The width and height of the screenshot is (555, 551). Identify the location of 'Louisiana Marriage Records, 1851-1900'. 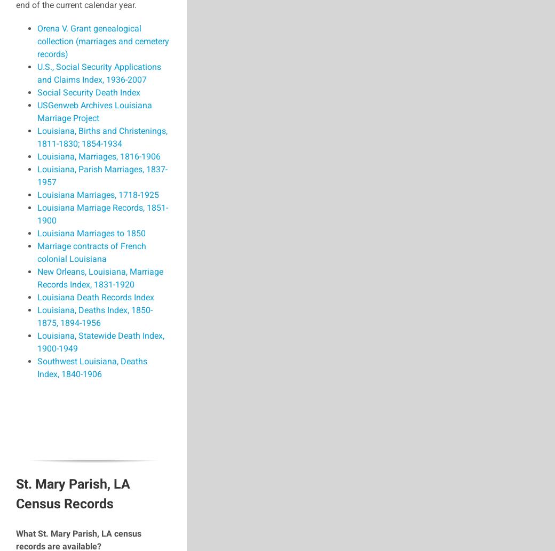
(102, 214).